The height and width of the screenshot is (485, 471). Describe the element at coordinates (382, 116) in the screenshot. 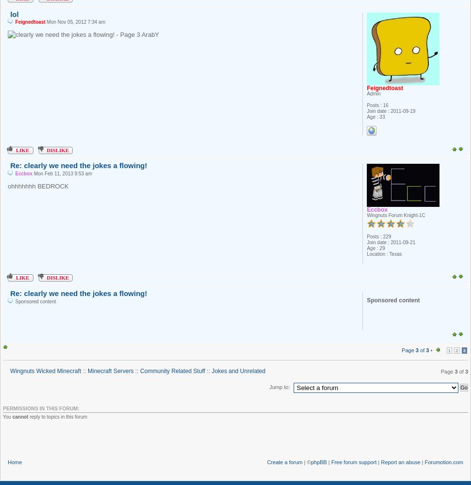

I see `'33'` at that location.